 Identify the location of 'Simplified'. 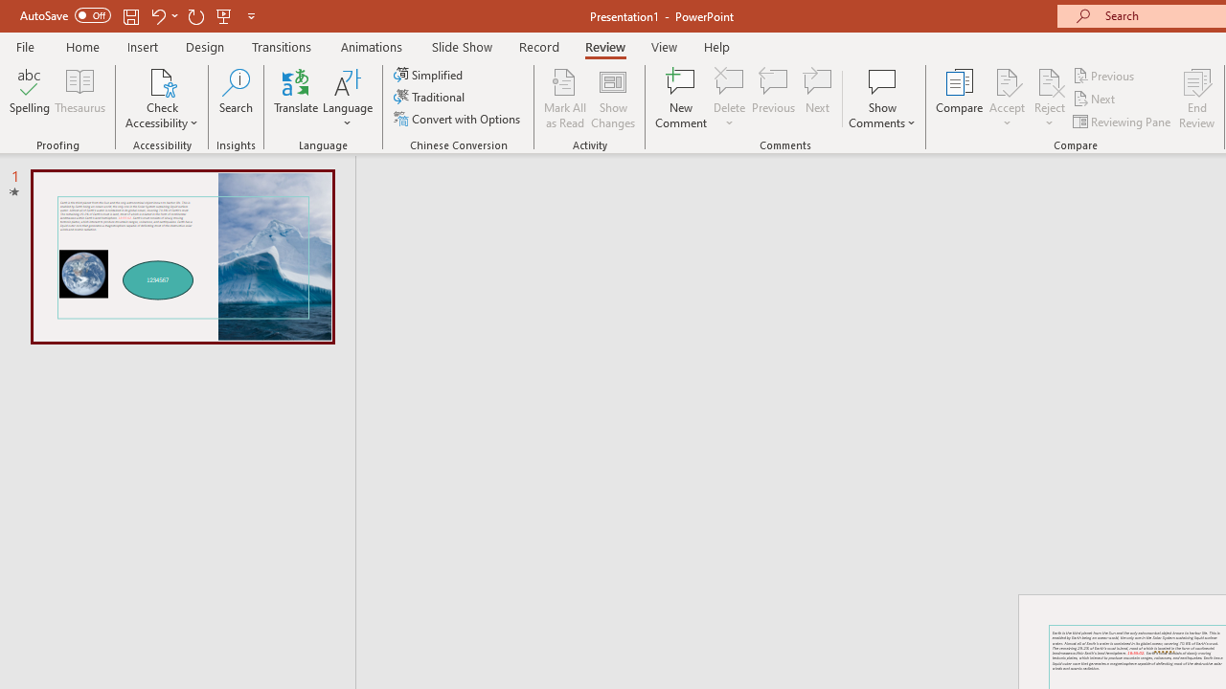
(429, 74).